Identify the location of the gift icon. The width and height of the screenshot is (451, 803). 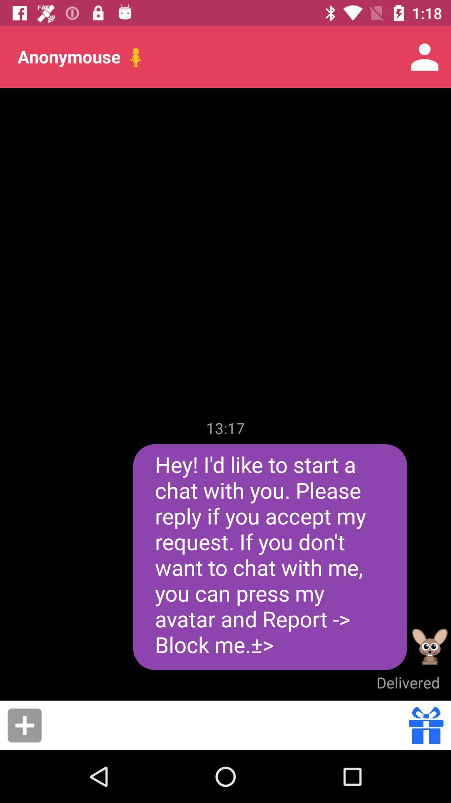
(426, 725).